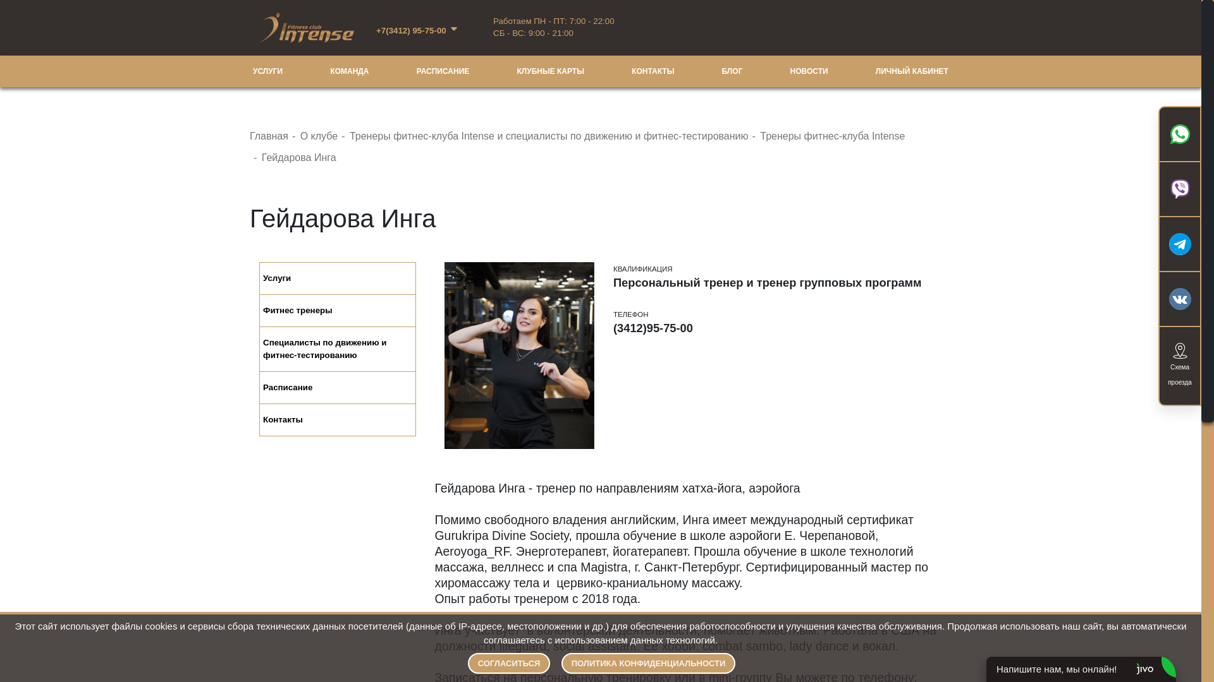  I want to click on 'telegram', so click(1179, 243).